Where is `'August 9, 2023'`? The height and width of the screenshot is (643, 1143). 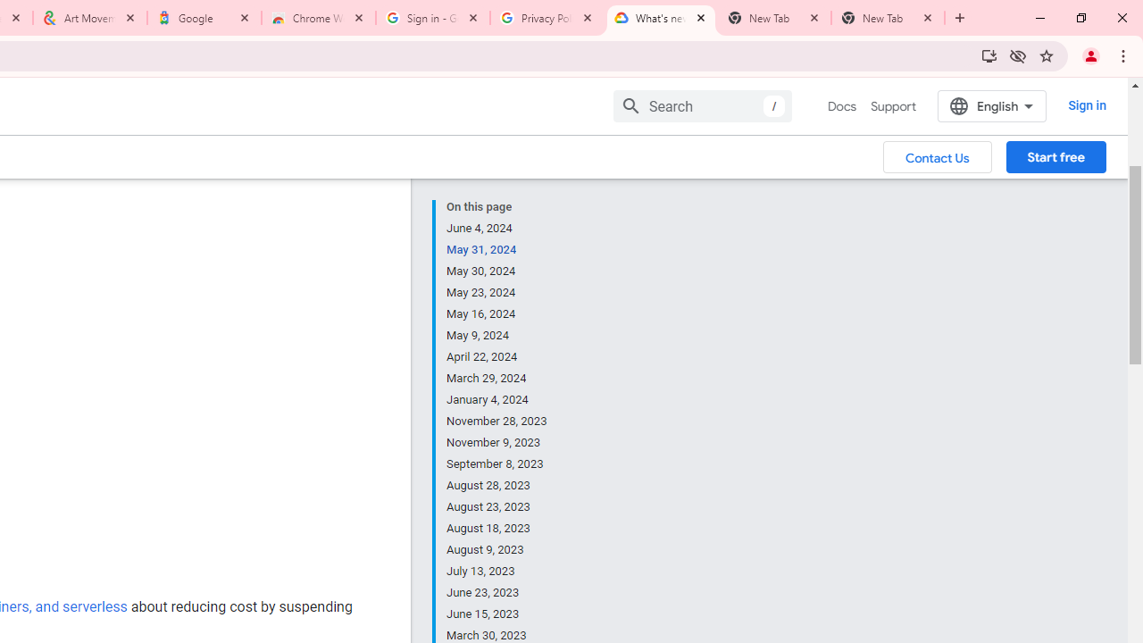 'August 9, 2023' is located at coordinates (497, 548).